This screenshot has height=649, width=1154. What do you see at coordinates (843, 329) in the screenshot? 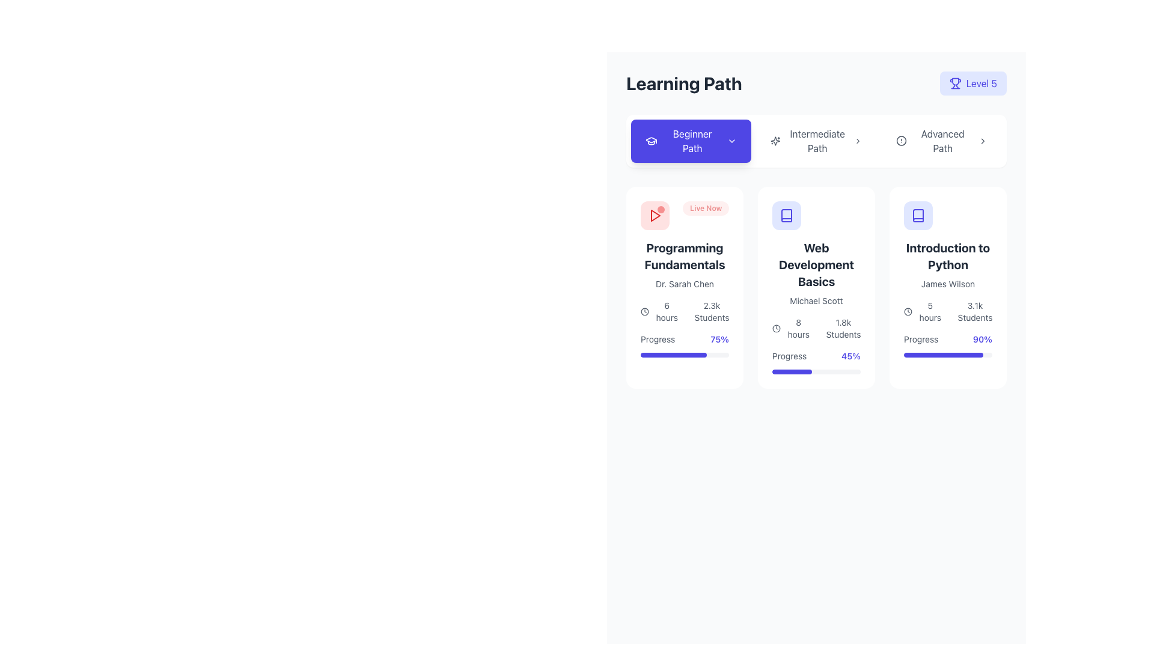
I see `the text display showing '1.8k Students', which is located beneath the course title 'Web Development Basics' in the second card of the layout` at bounding box center [843, 329].